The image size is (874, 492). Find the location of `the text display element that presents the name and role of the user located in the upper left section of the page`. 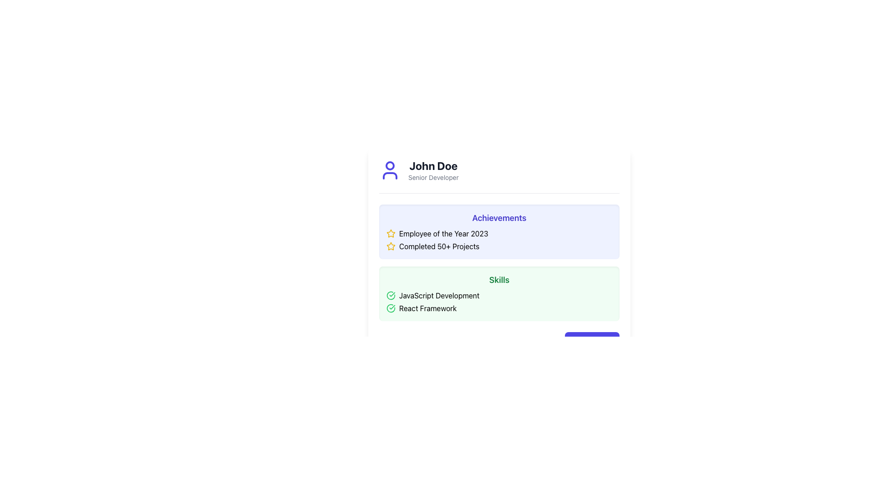

the text display element that presents the name and role of the user located in the upper left section of the page is located at coordinates (433, 170).